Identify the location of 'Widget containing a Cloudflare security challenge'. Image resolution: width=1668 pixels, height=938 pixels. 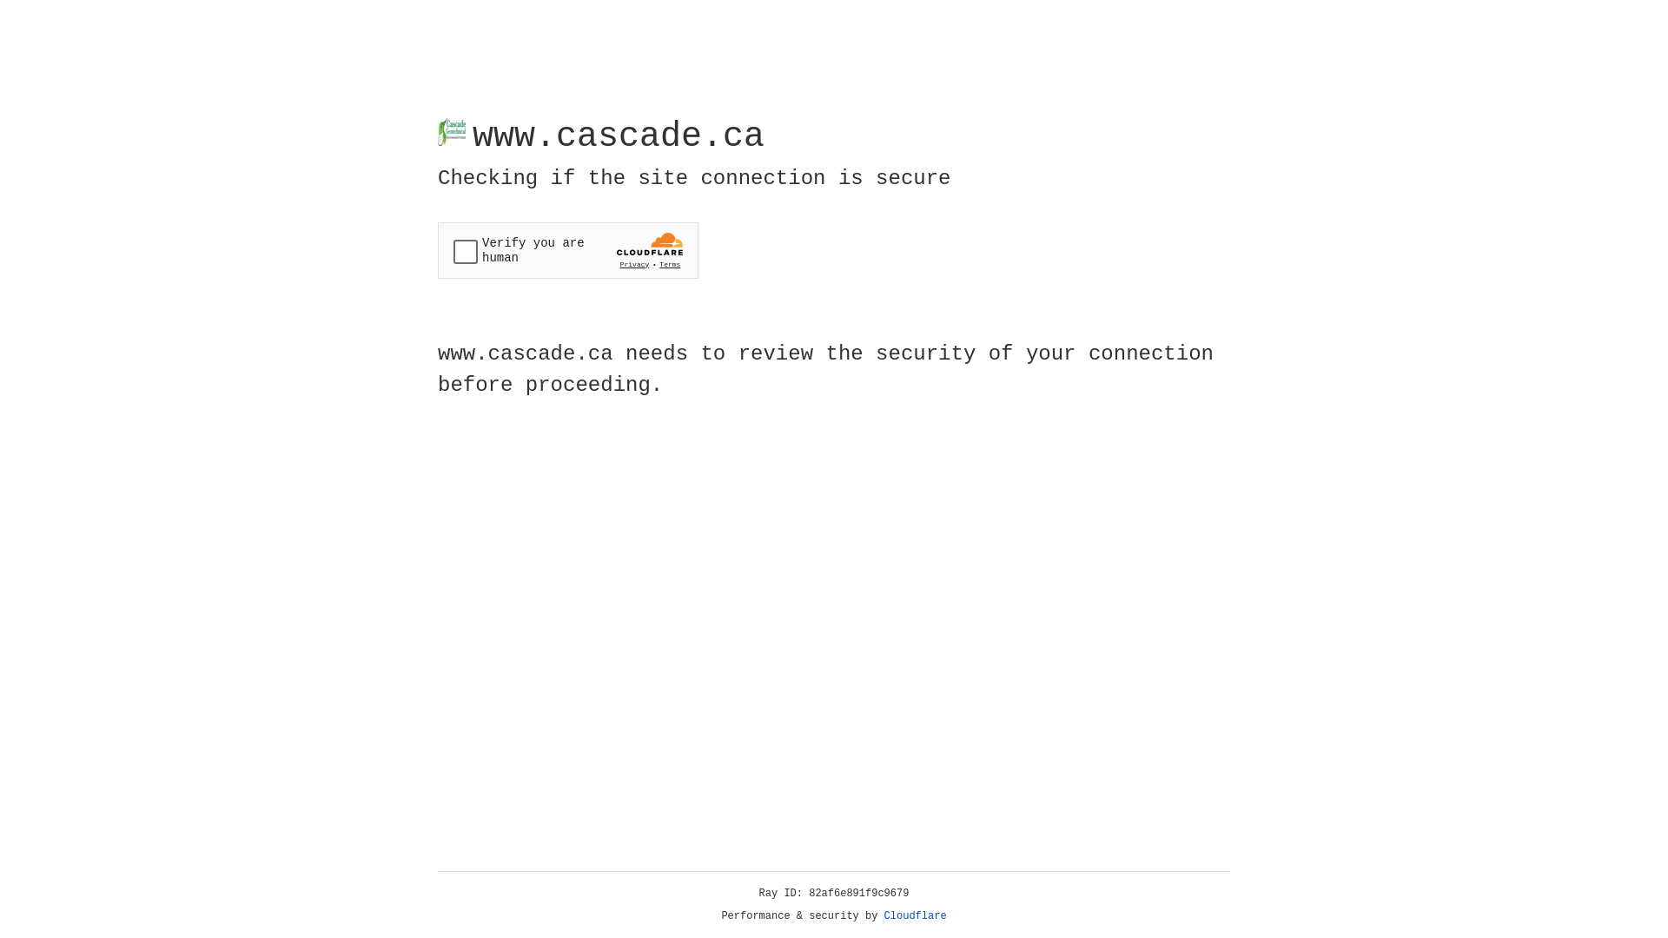
(567, 250).